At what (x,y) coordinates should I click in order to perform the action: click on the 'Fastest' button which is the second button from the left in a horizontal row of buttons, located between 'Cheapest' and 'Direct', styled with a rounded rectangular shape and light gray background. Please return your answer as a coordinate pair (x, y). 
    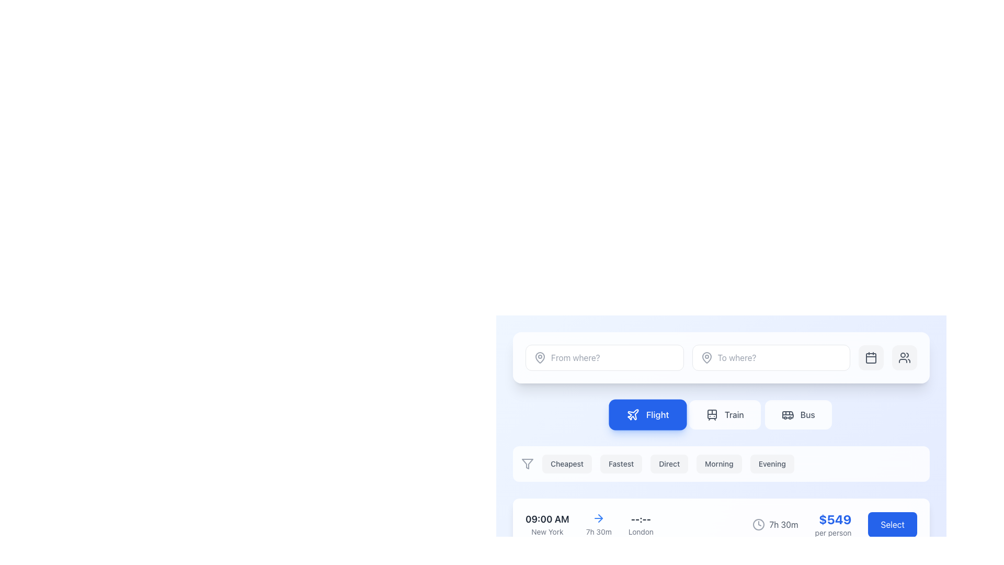
    Looking at the image, I should click on (621, 464).